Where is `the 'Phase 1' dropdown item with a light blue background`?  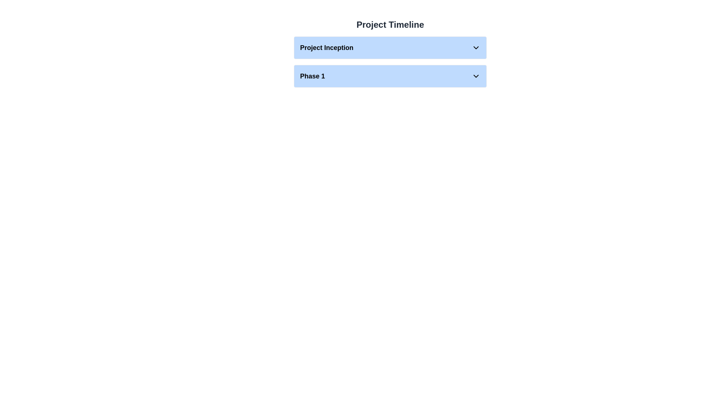
the 'Phase 1' dropdown item with a light blue background is located at coordinates (390, 76).